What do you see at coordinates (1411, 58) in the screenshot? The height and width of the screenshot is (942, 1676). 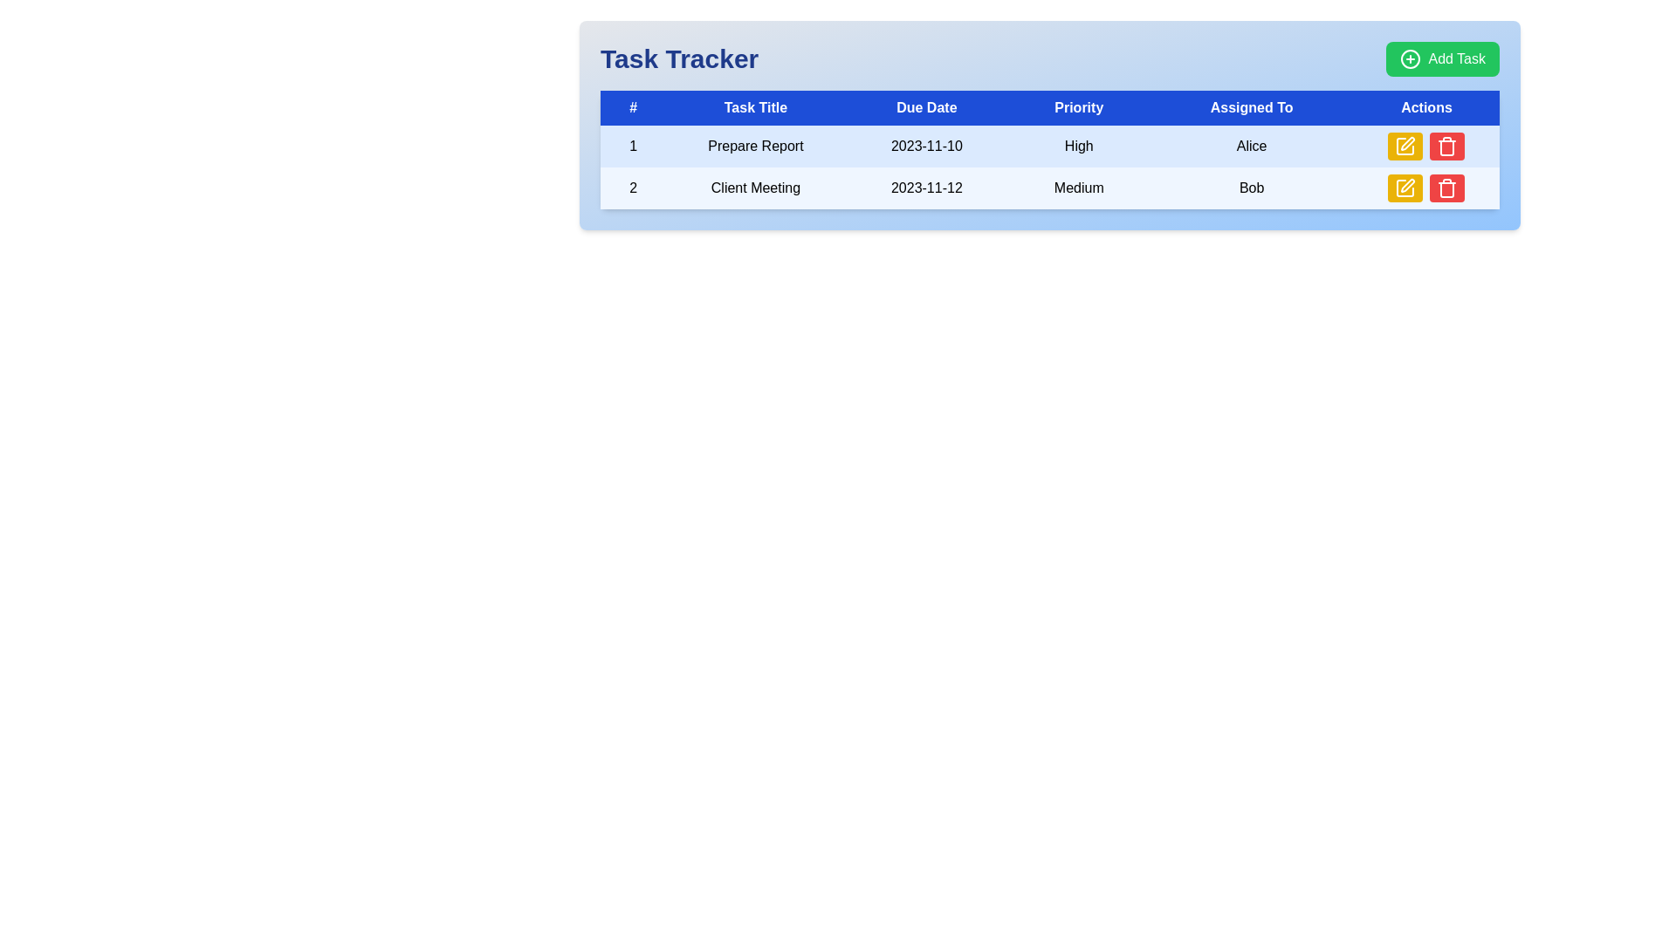 I see `the icon that represents the action to add a new task, which is located within the green button labeled 'Add Task' in the top right corner of the layout` at bounding box center [1411, 58].